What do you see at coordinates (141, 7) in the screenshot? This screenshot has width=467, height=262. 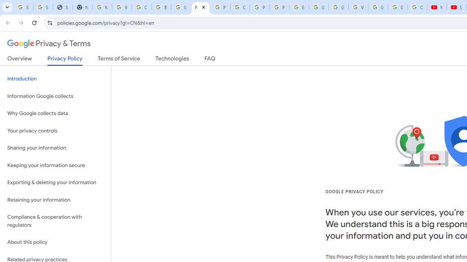 I see `'Create your Google Account'` at bounding box center [141, 7].